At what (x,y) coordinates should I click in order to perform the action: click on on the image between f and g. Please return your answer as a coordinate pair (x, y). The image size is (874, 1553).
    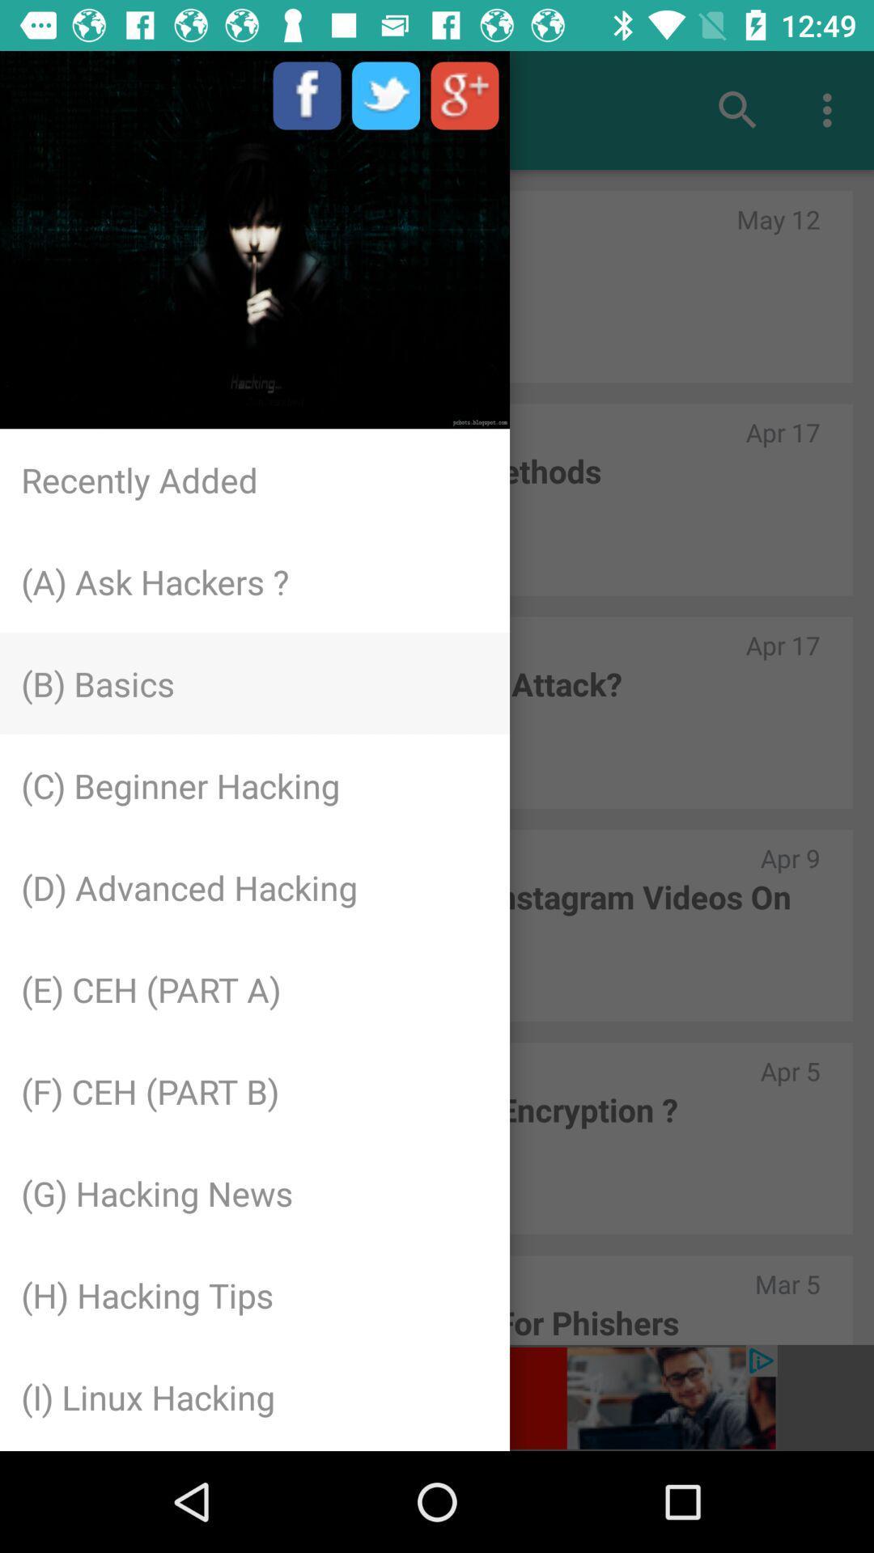
    Looking at the image, I should click on (386, 95).